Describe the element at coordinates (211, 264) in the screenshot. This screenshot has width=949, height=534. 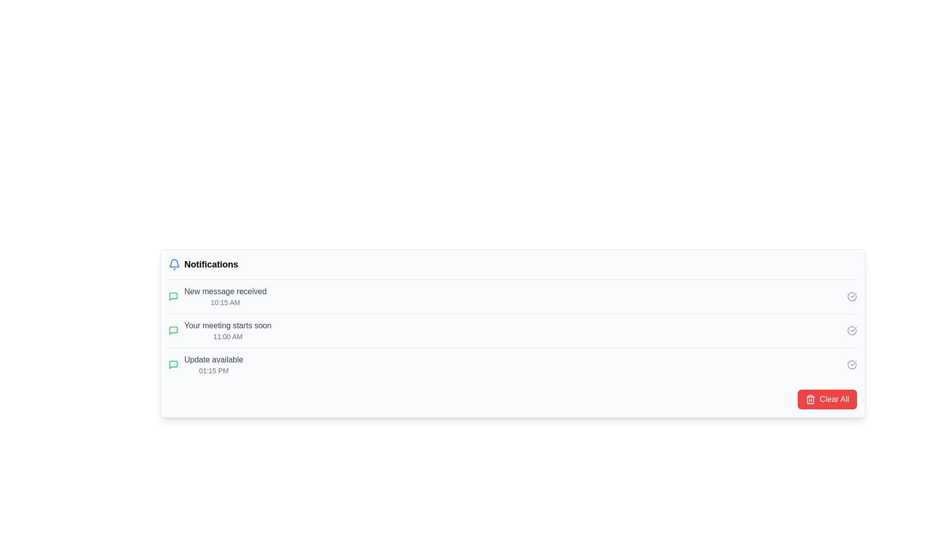
I see `text from the 'Notifications' text label, which is bold and larger than typical body text, located near the top-left of the notification panel` at that location.